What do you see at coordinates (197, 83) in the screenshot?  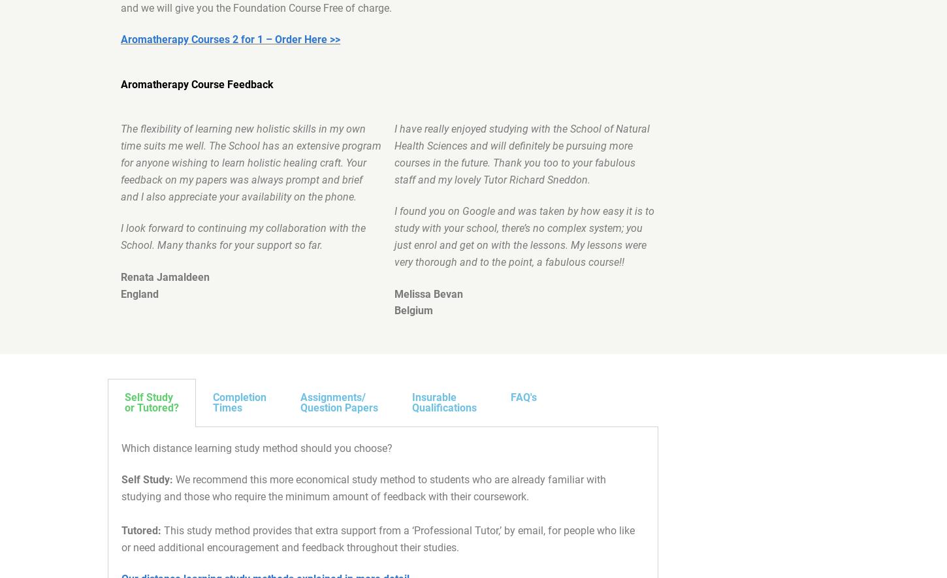 I see `'Aromatherapy Course Feedback'` at bounding box center [197, 83].